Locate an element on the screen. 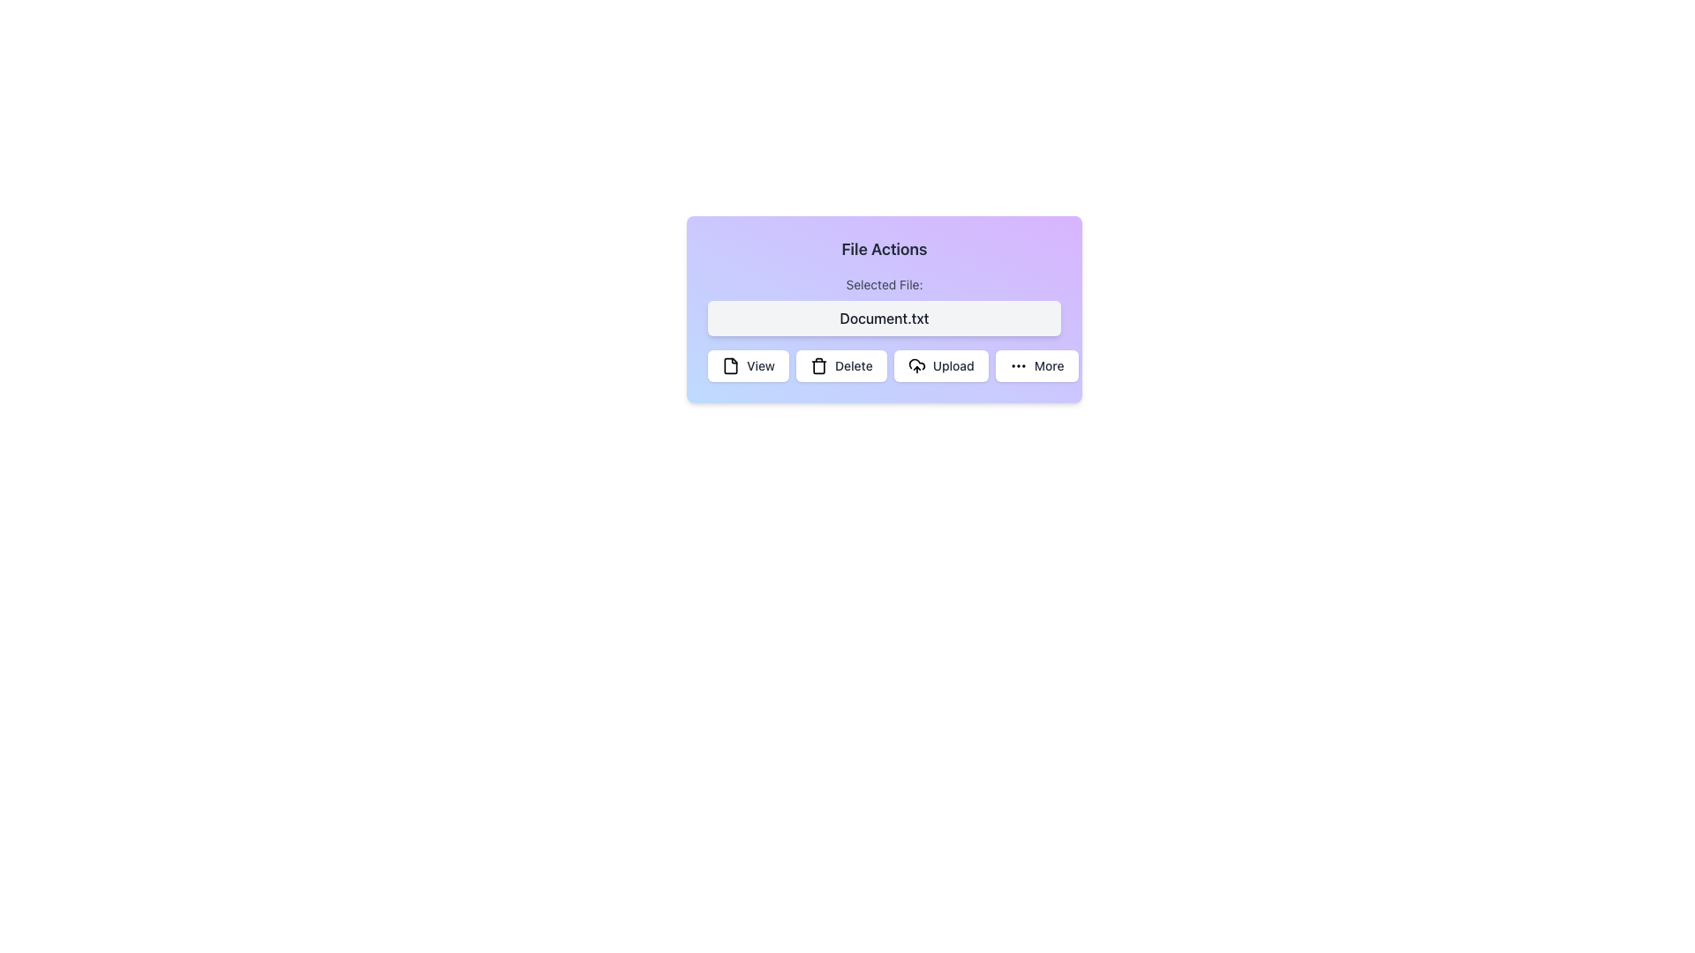  the file icon represented by a simplified vector graphic design, located at the leftmost end of the horizontal row of buttons within the 'File Actions' card UI is located at coordinates (731, 365).